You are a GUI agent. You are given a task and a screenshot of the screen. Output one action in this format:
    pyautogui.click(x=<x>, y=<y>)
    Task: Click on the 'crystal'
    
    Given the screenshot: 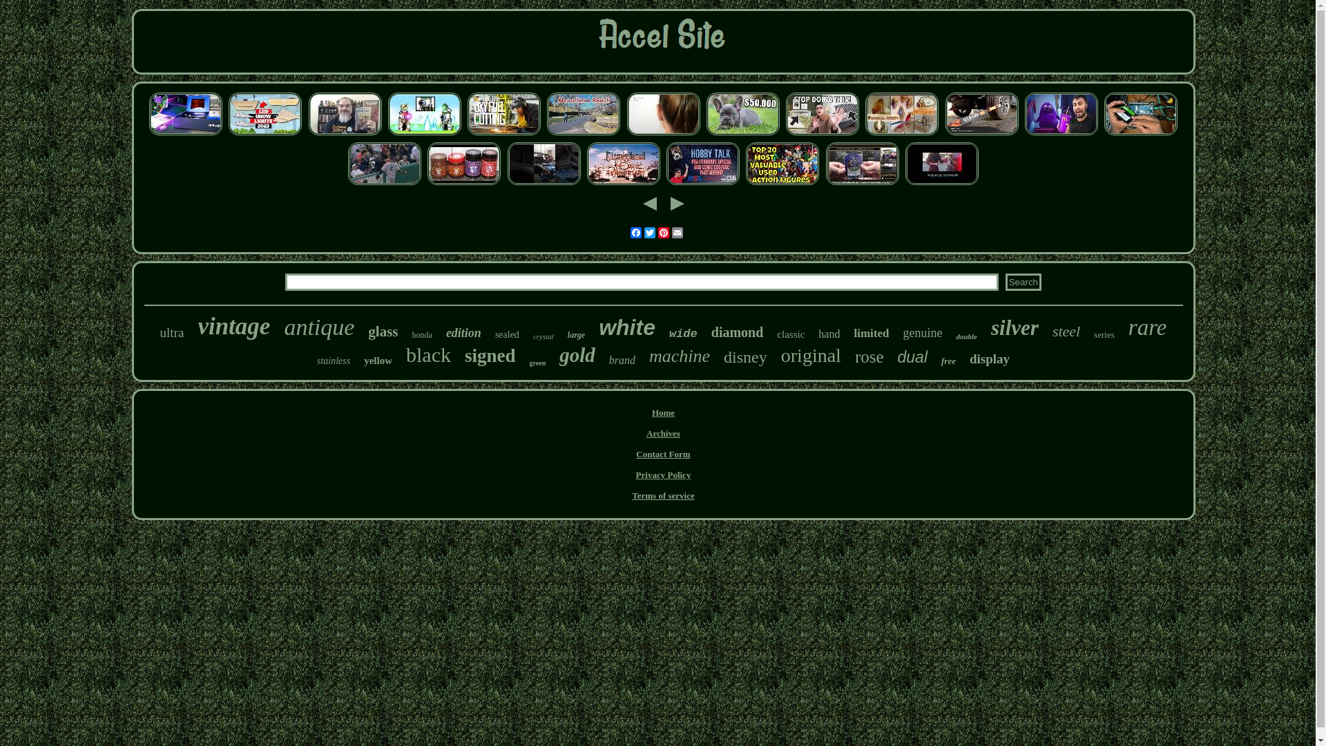 What is the action you would take?
    pyautogui.click(x=543, y=336)
    